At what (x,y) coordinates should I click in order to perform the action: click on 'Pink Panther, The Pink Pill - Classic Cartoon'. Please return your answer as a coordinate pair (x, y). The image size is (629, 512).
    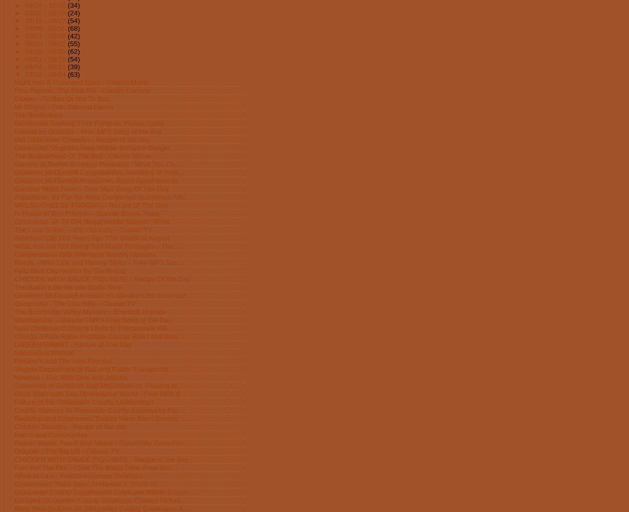
    Looking at the image, I should click on (81, 89).